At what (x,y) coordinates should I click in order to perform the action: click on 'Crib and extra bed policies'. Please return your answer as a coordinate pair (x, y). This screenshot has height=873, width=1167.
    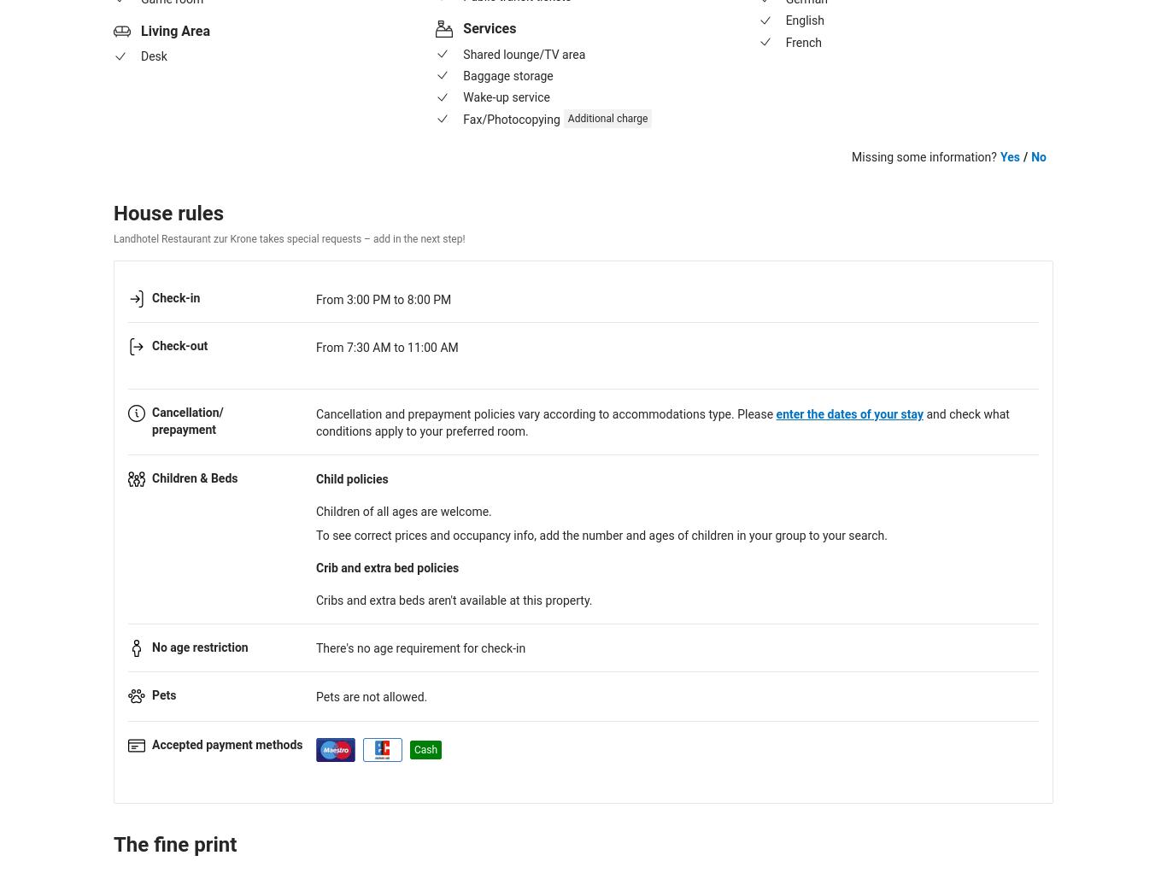
    Looking at the image, I should click on (386, 567).